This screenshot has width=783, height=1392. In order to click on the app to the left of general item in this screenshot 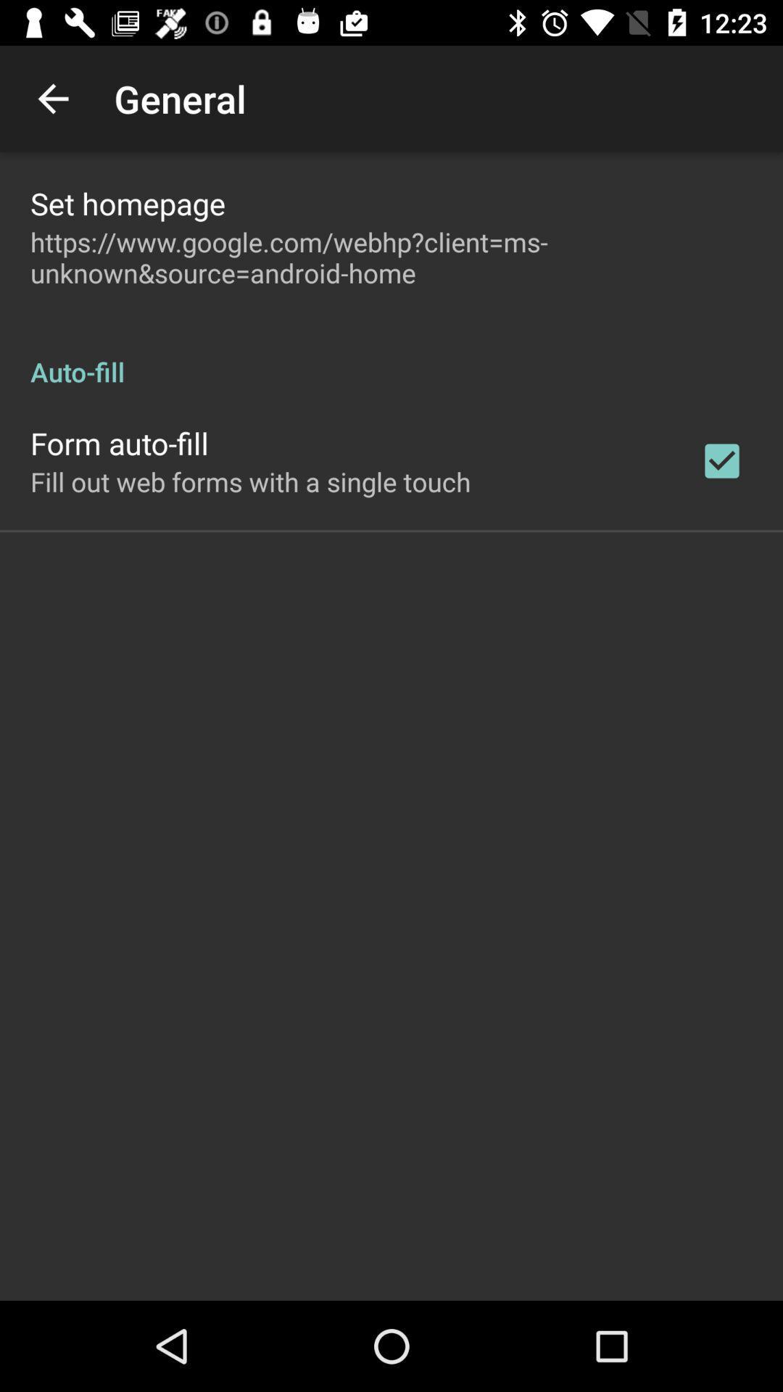, I will do `click(52, 98)`.